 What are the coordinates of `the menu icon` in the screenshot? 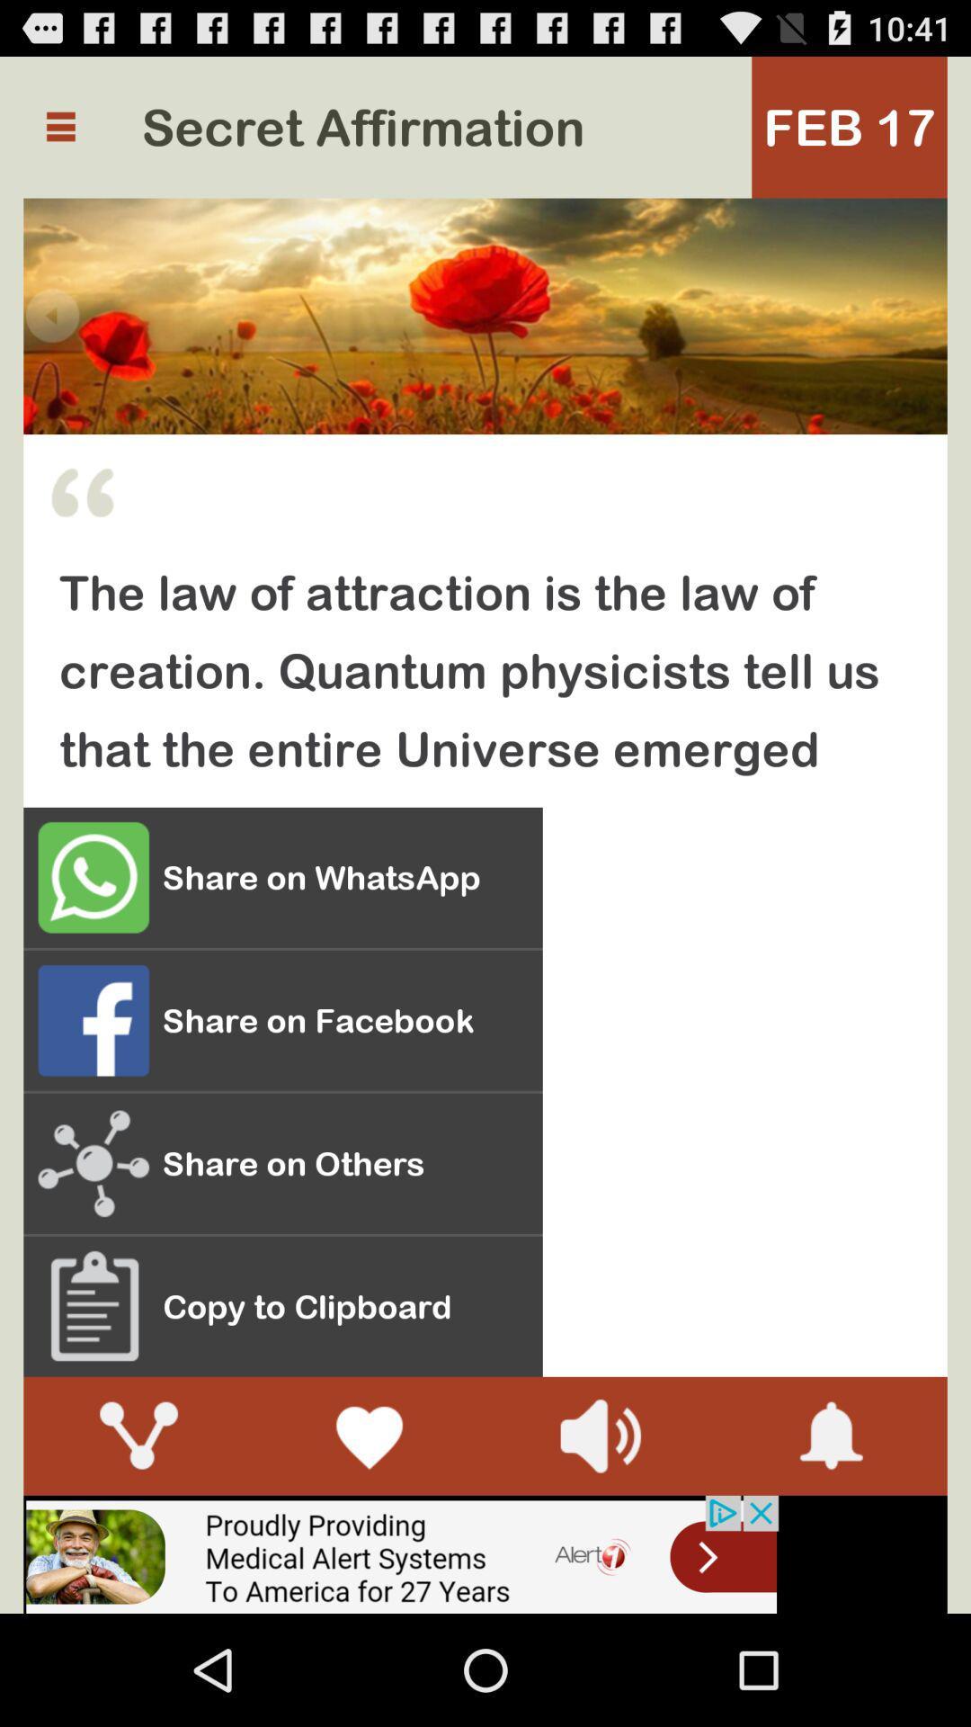 It's located at (59, 135).